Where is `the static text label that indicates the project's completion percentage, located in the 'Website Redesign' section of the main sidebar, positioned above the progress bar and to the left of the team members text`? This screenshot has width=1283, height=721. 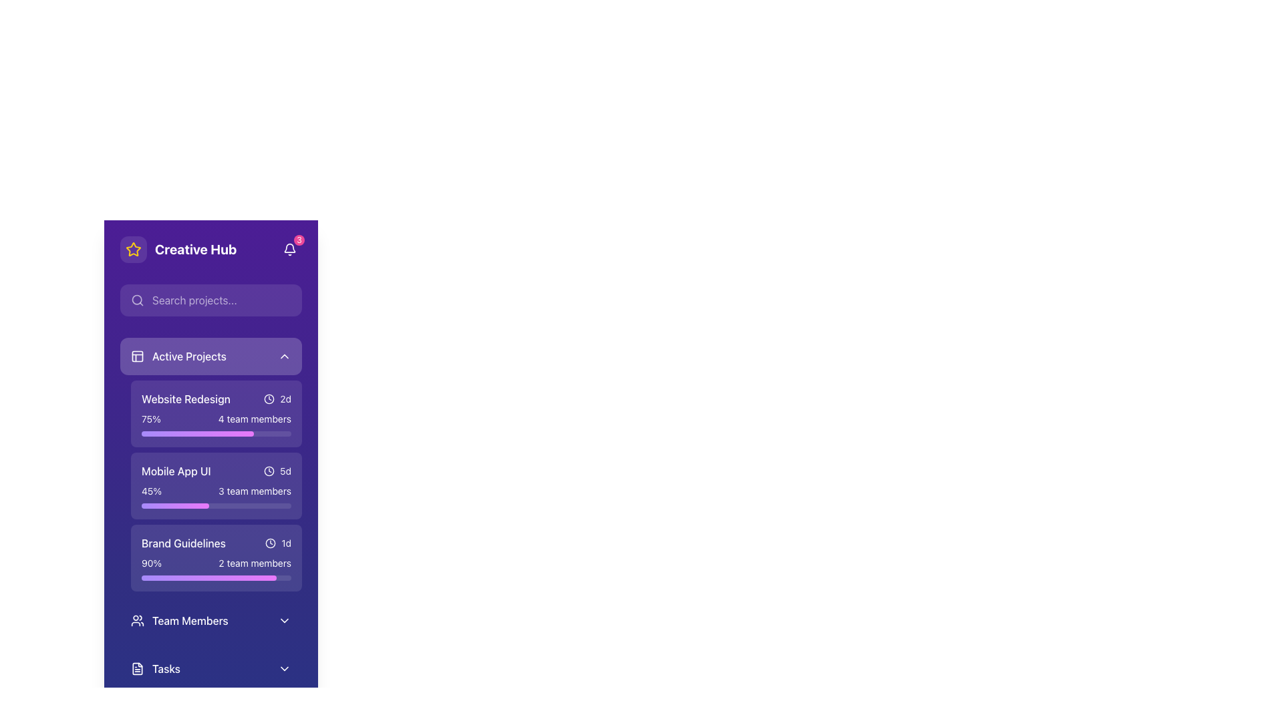 the static text label that indicates the project's completion percentage, located in the 'Website Redesign' section of the main sidebar, positioned above the progress bar and to the left of the team members text is located at coordinates (151, 419).